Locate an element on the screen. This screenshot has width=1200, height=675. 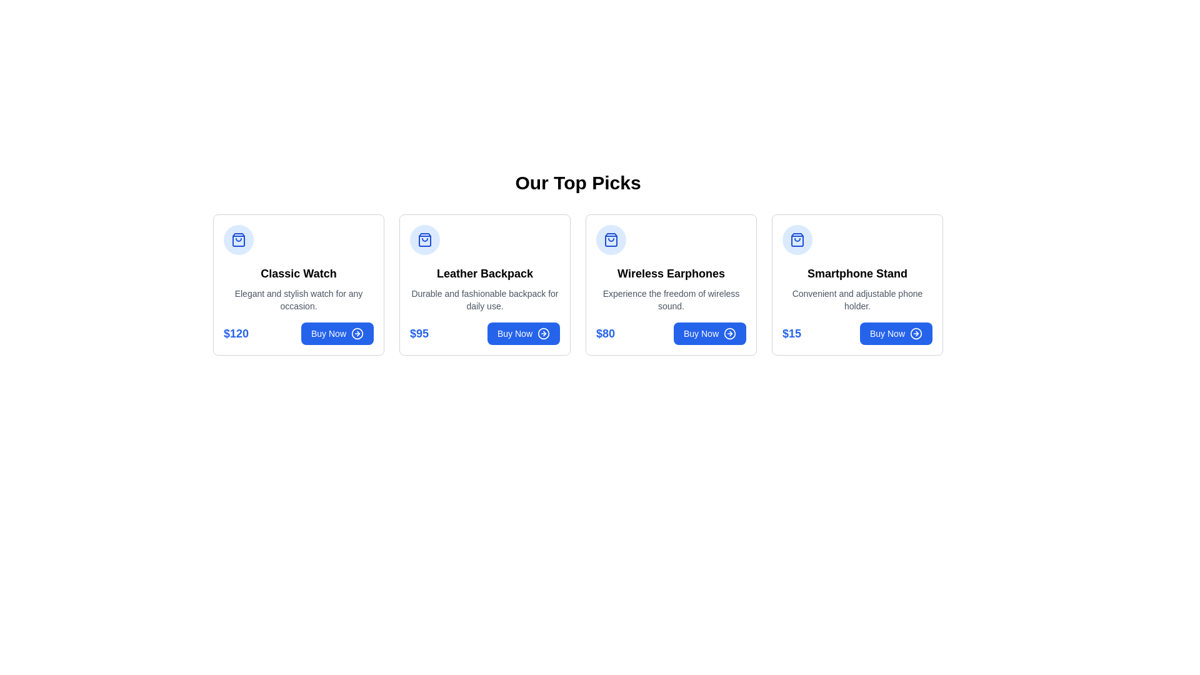
the circular indicator with a blue stroke located at the center-right of the Wireless Earphones product card is located at coordinates (729, 332).